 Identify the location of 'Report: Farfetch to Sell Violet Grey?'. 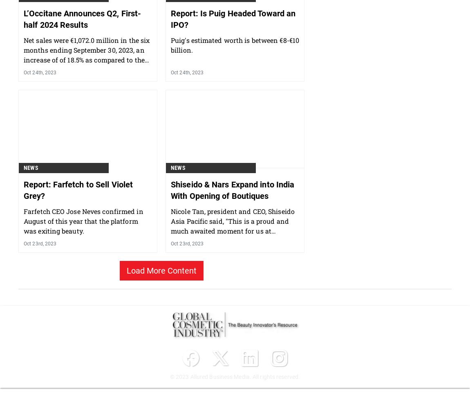
(78, 232).